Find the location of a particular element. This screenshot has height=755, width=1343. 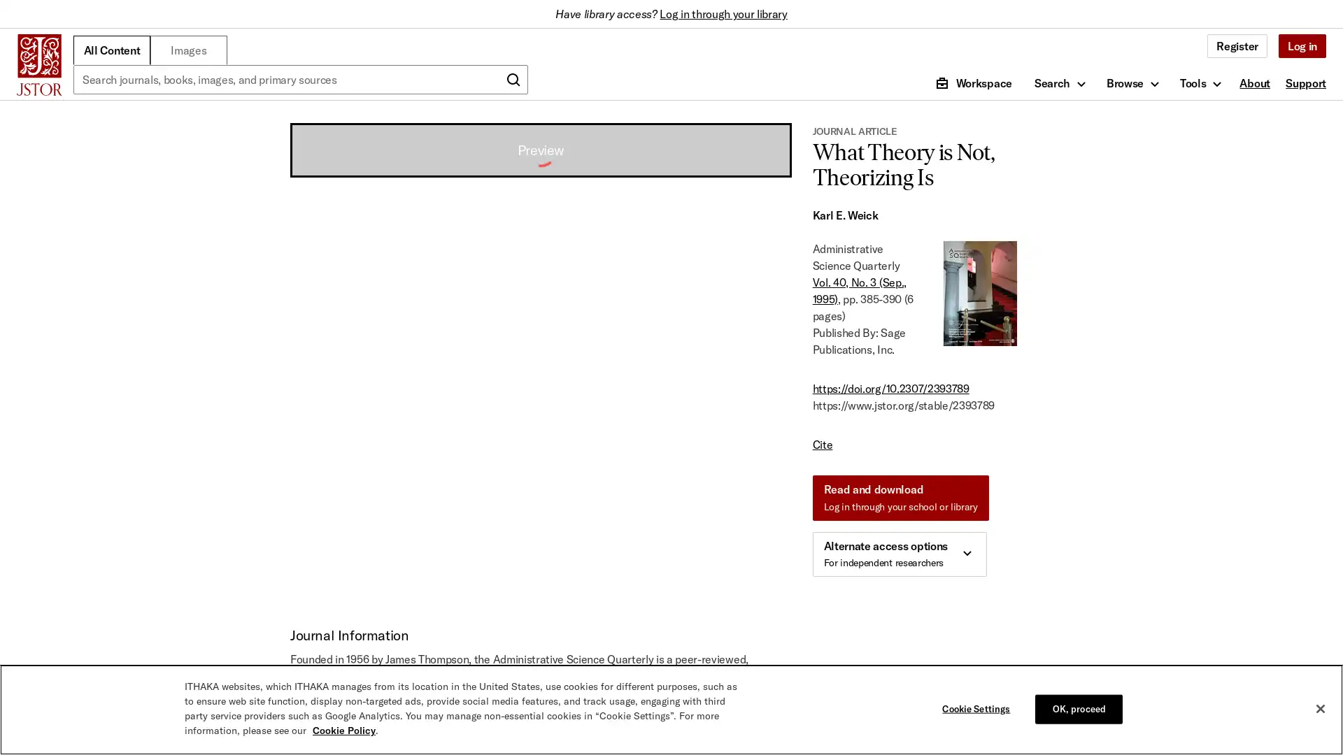

Alternate access options For independent researchers is located at coordinates (899, 554).